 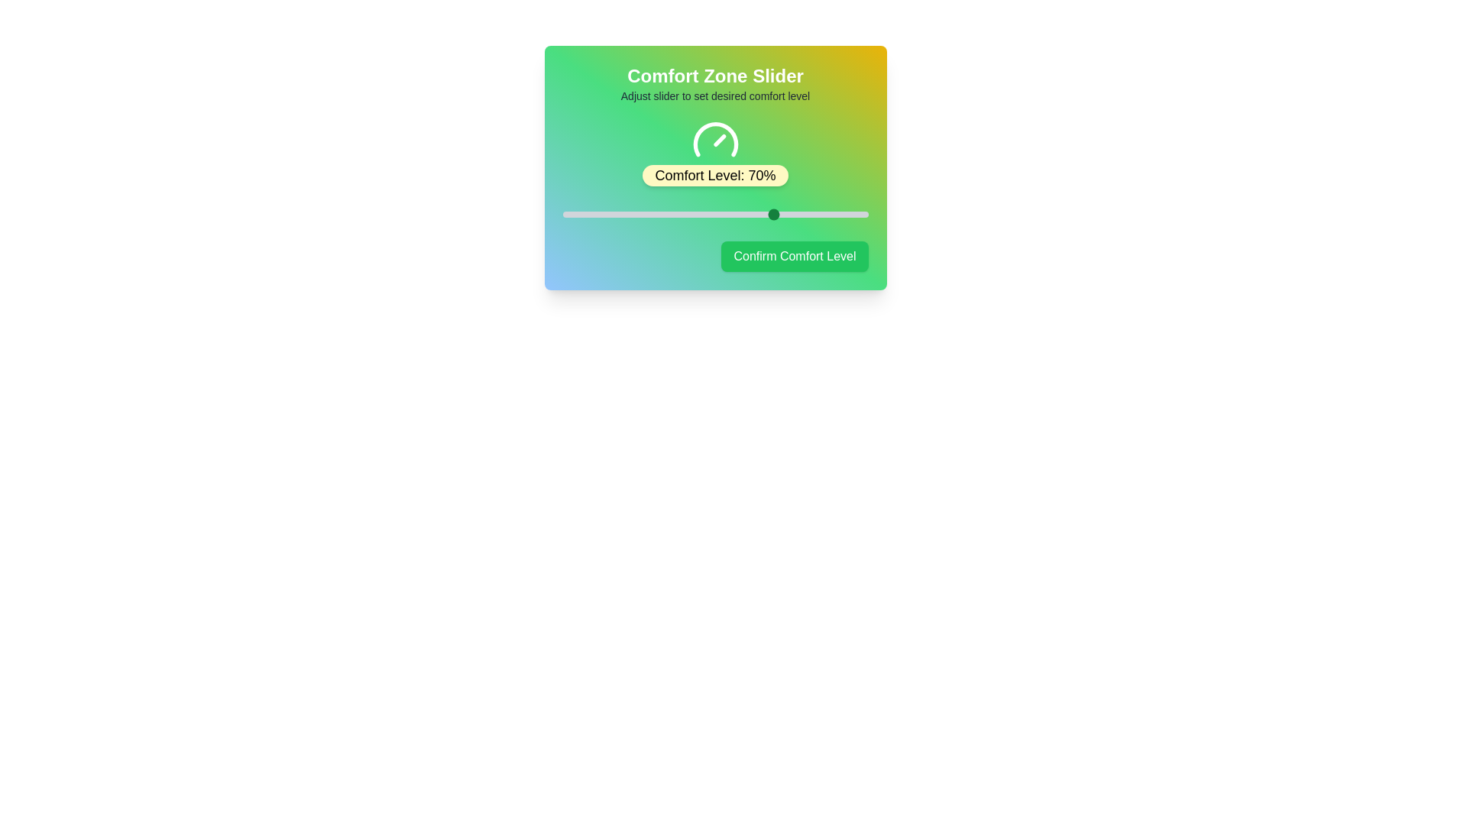 What do you see at coordinates (601, 215) in the screenshot?
I see `the slider to set the comfort level to 13` at bounding box center [601, 215].